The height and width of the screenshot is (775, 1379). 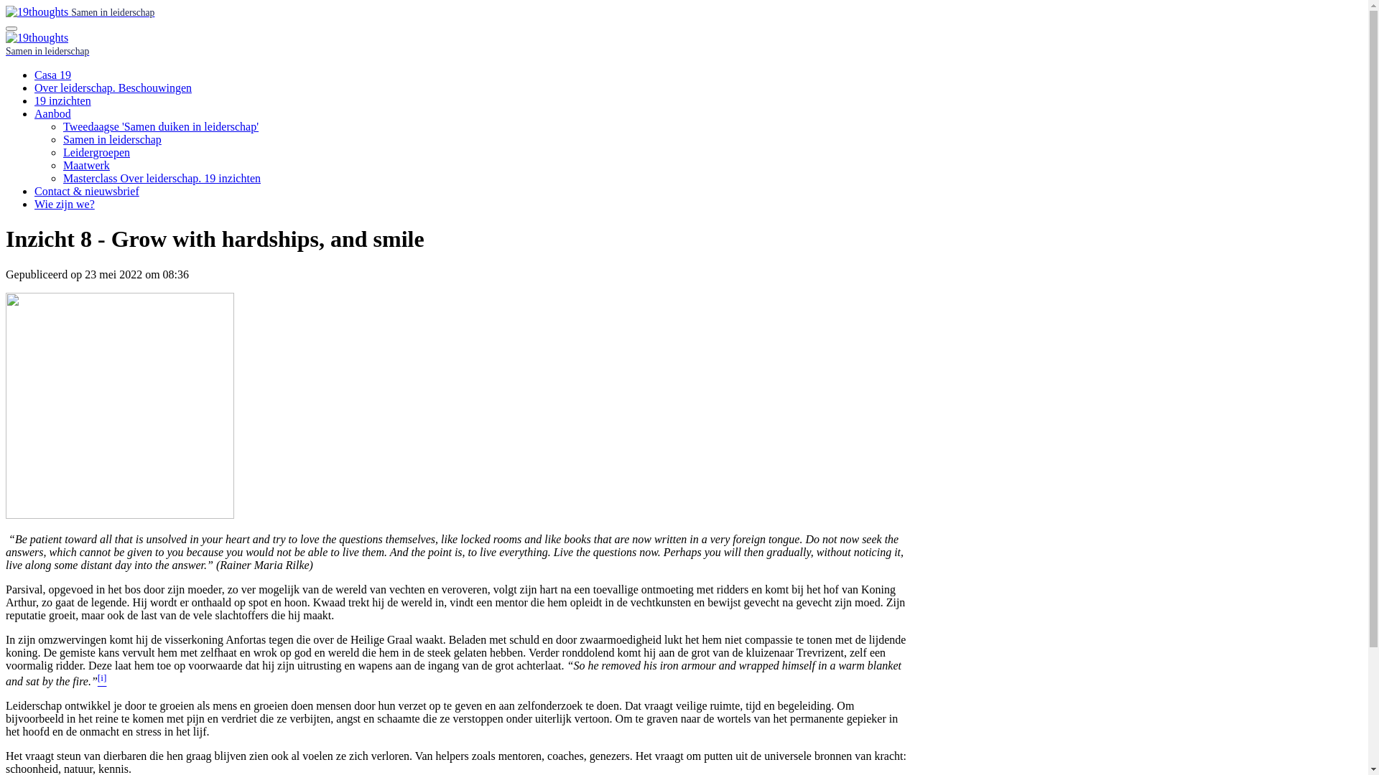 What do you see at coordinates (85, 190) in the screenshot?
I see `'Contact & nieuwsbrief'` at bounding box center [85, 190].